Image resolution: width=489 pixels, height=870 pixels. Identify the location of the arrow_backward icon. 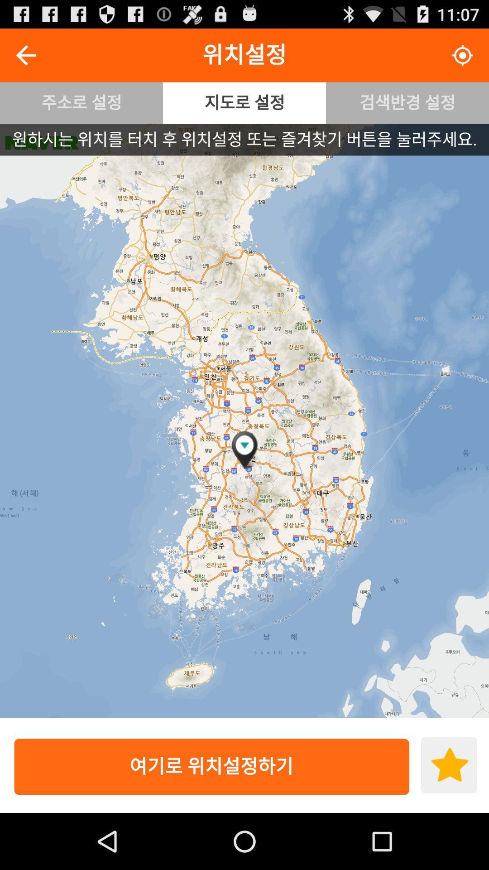
(26, 58).